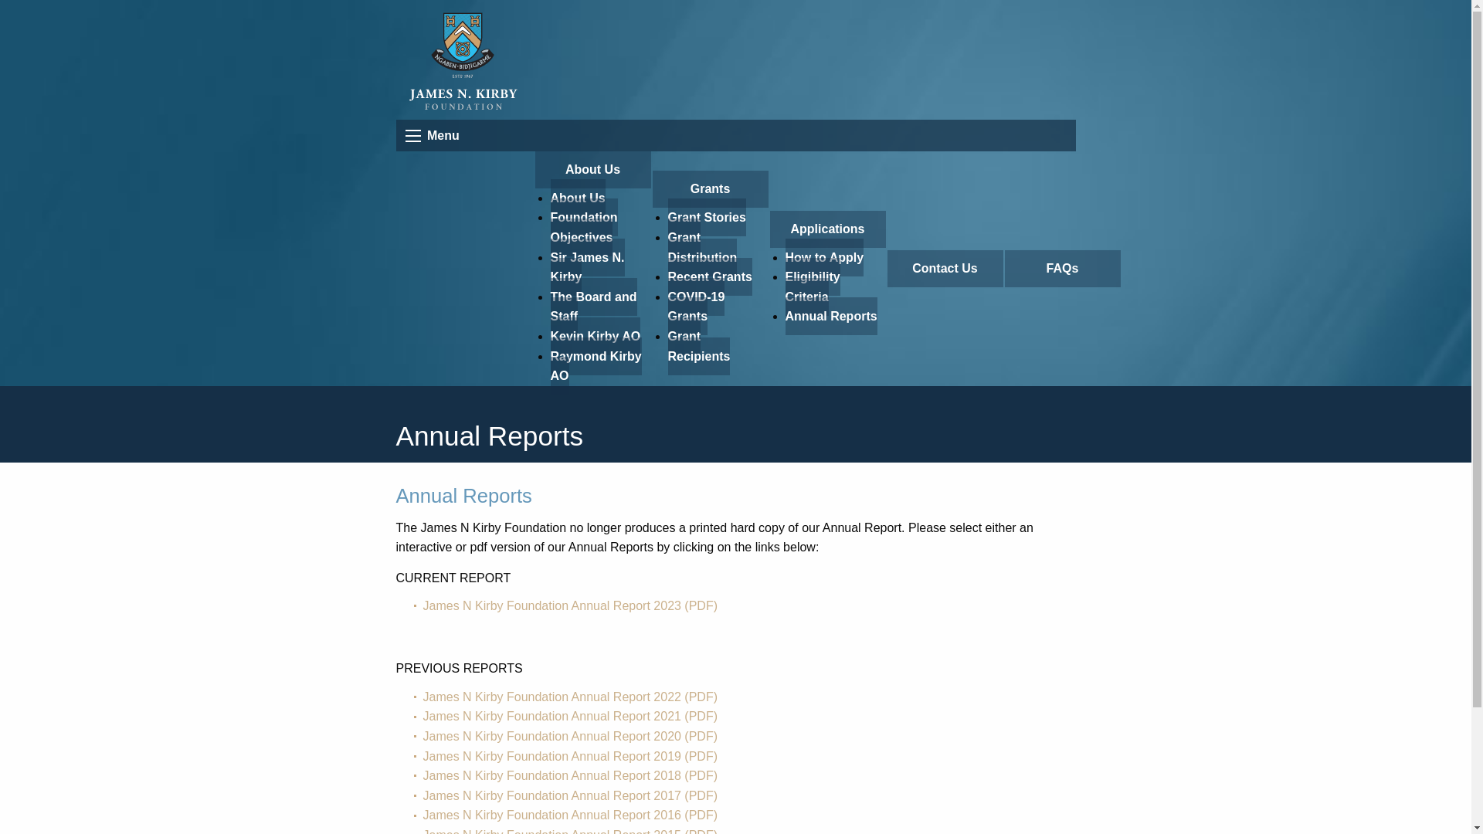 This screenshot has height=834, width=1483. Describe the element at coordinates (697, 345) in the screenshot. I see `'Grant Recipients'` at that location.